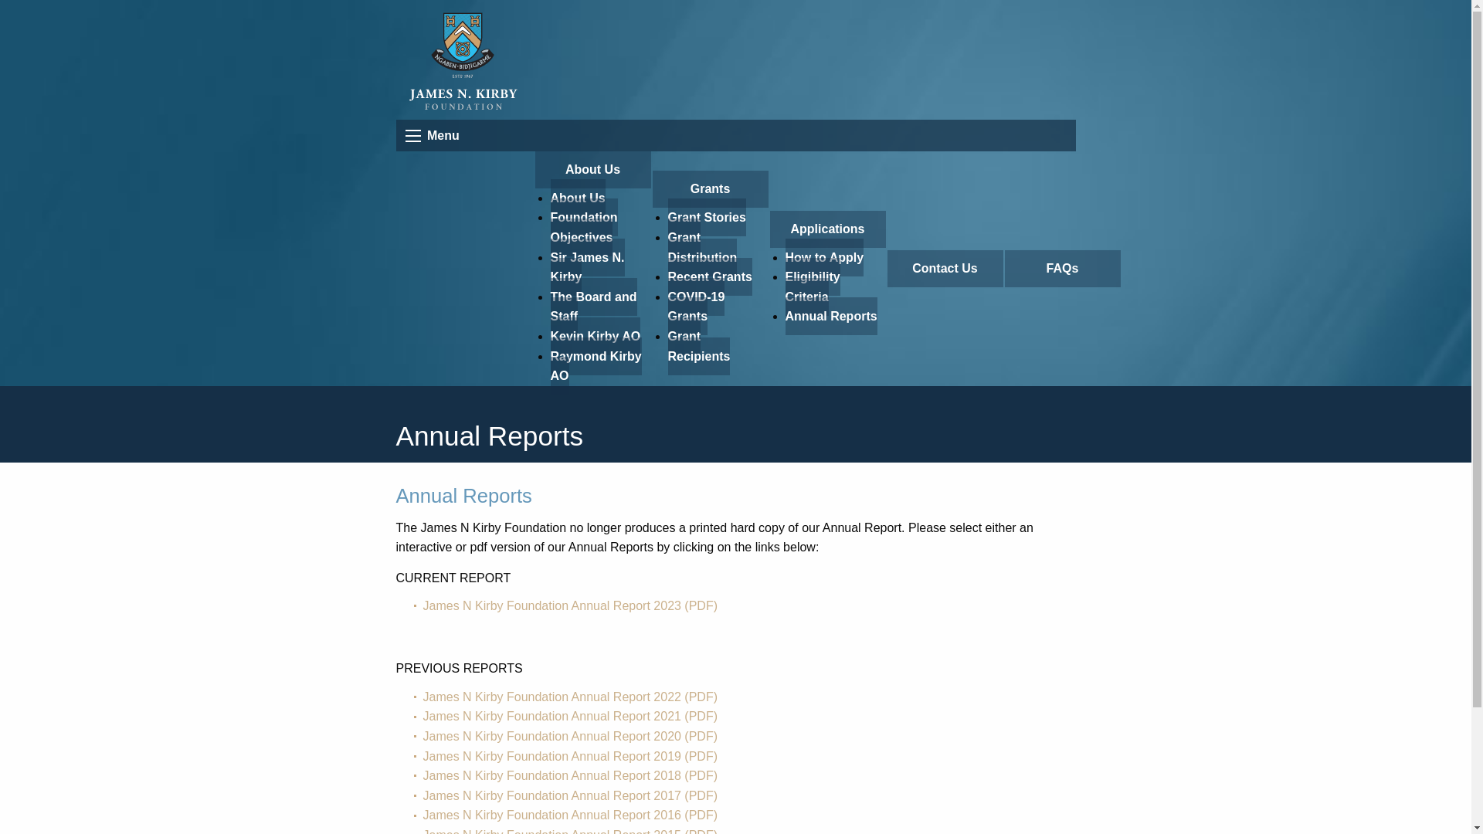 This screenshot has height=834, width=1483. Describe the element at coordinates (697, 345) in the screenshot. I see `'Grant Recipients'` at that location.